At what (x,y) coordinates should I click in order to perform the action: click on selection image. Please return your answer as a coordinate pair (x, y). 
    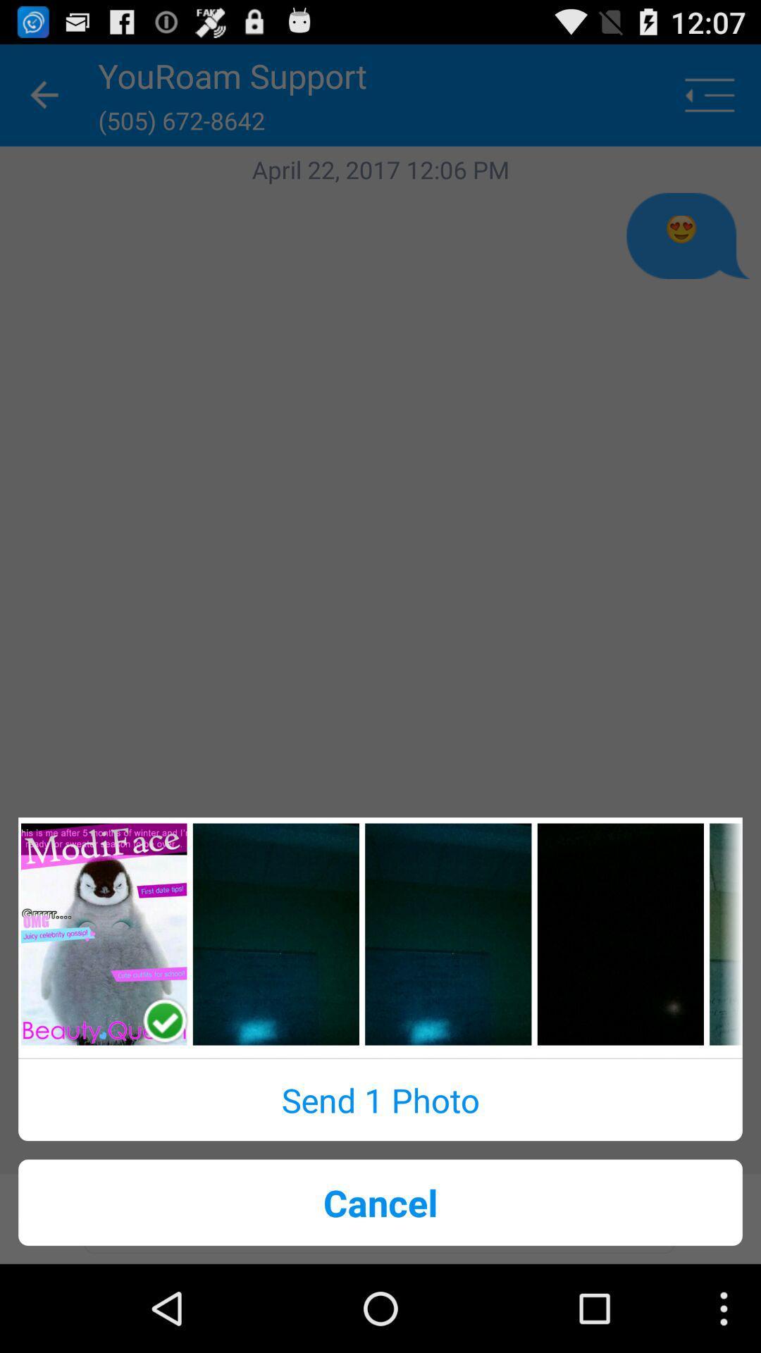
    Looking at the image, I should click on (448, 934).